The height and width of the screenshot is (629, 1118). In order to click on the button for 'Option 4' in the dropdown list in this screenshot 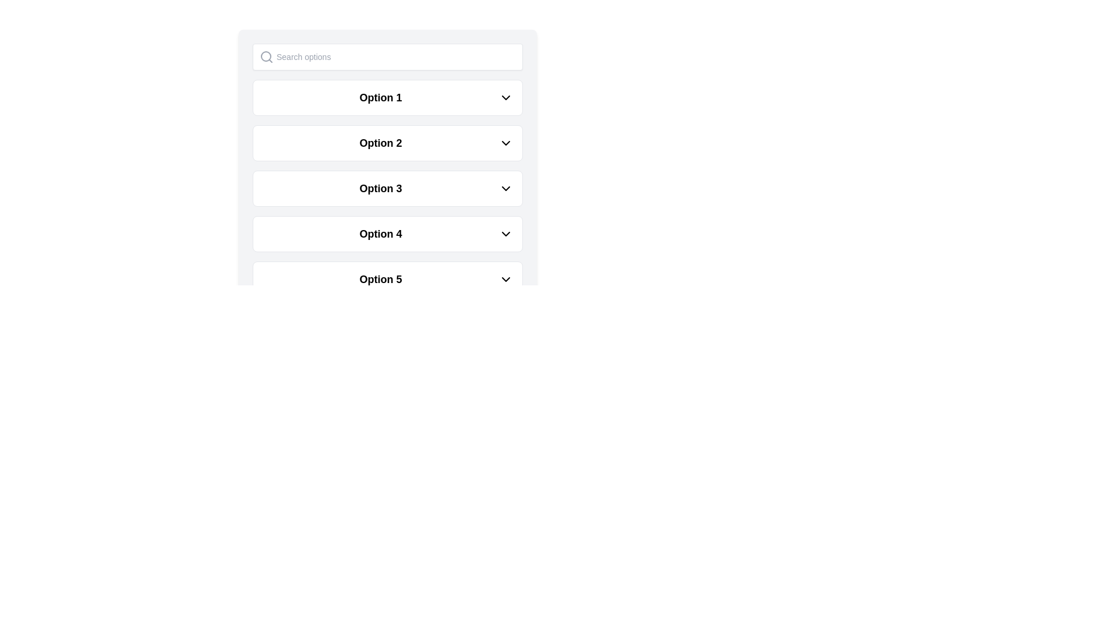, I will do `click(388, 234)`.